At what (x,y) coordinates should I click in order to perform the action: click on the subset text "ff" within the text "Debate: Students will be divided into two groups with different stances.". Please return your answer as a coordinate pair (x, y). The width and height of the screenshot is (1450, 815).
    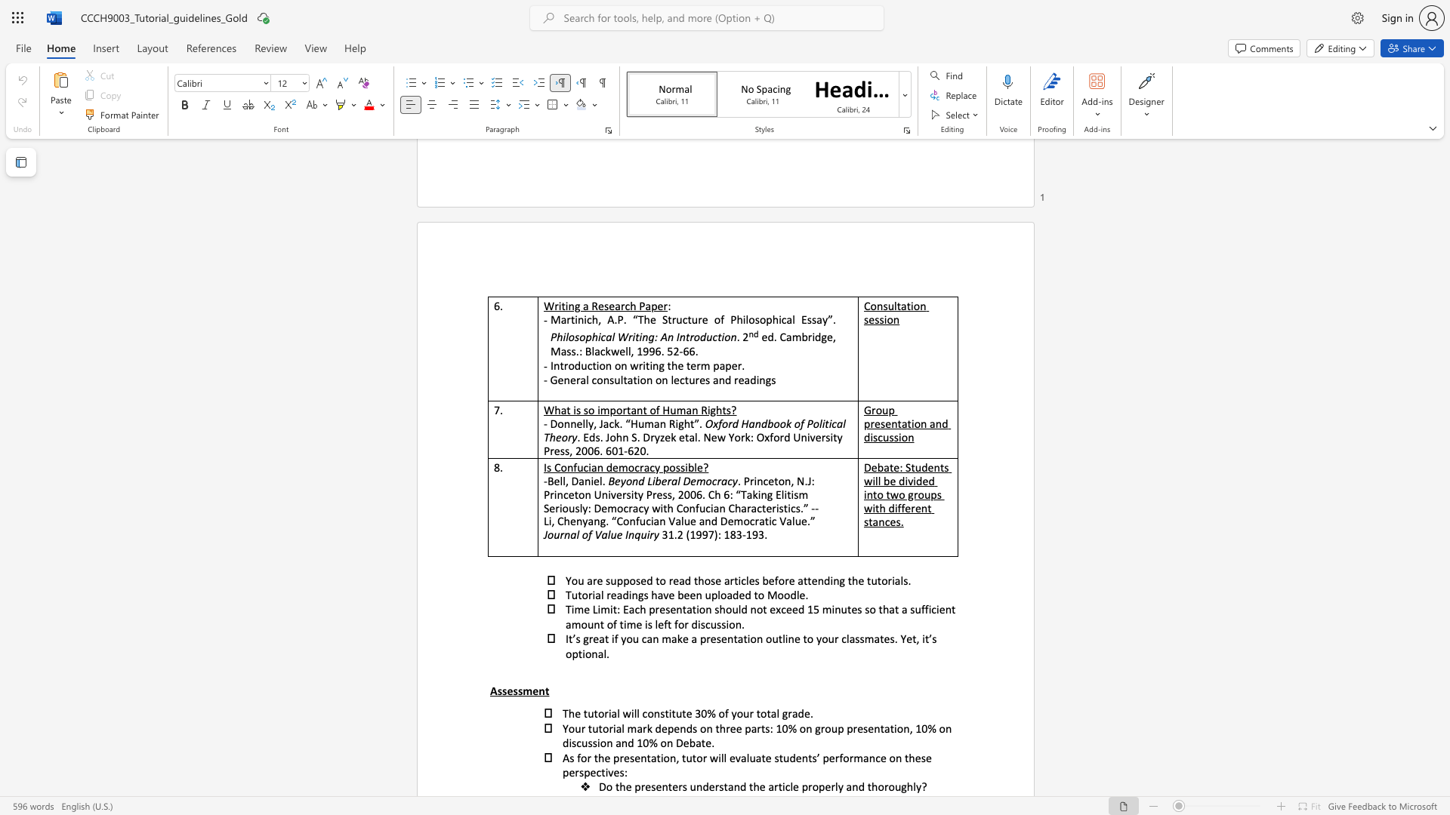
    Looking at the image, I should click on (897, 508).